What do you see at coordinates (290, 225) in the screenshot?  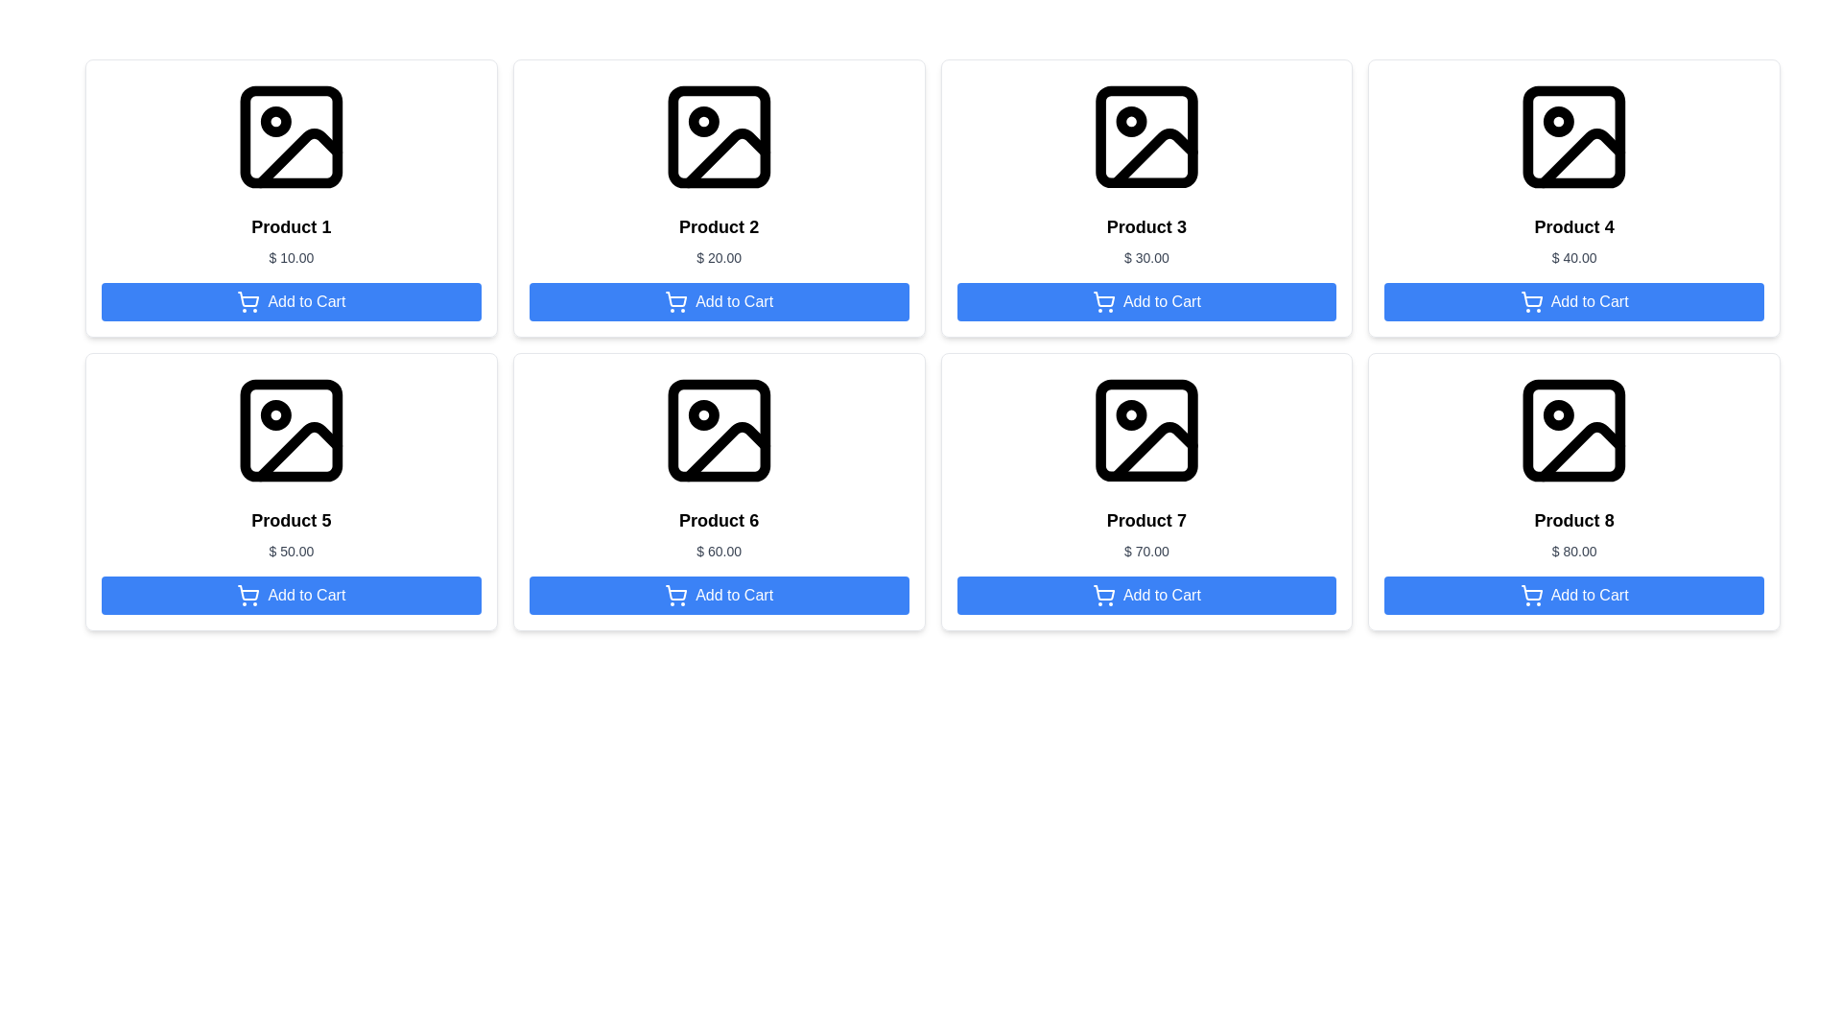 I see `text label displaying 'Product 1', which is located at the top-left corner of the card layout, positioned beneath the image placeholder` at bounding box center [290, 225].